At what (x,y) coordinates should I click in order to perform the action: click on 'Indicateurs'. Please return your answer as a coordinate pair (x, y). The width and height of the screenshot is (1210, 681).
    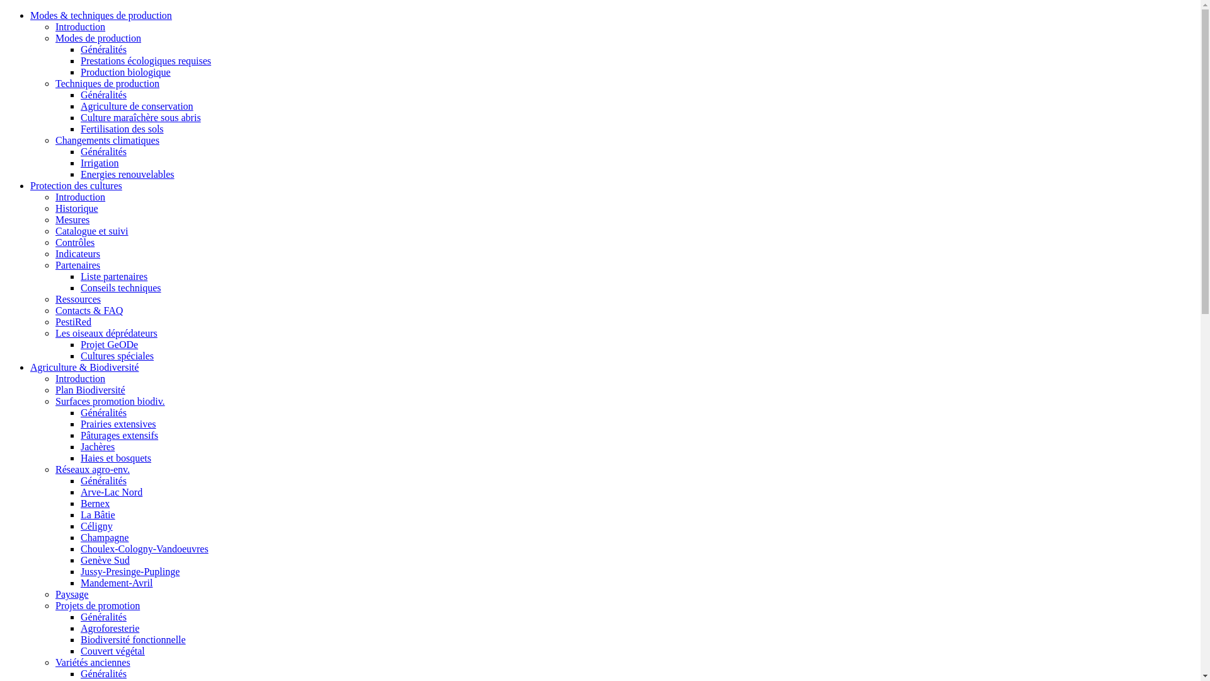
    Looking at the image, I should click on (77, 253).